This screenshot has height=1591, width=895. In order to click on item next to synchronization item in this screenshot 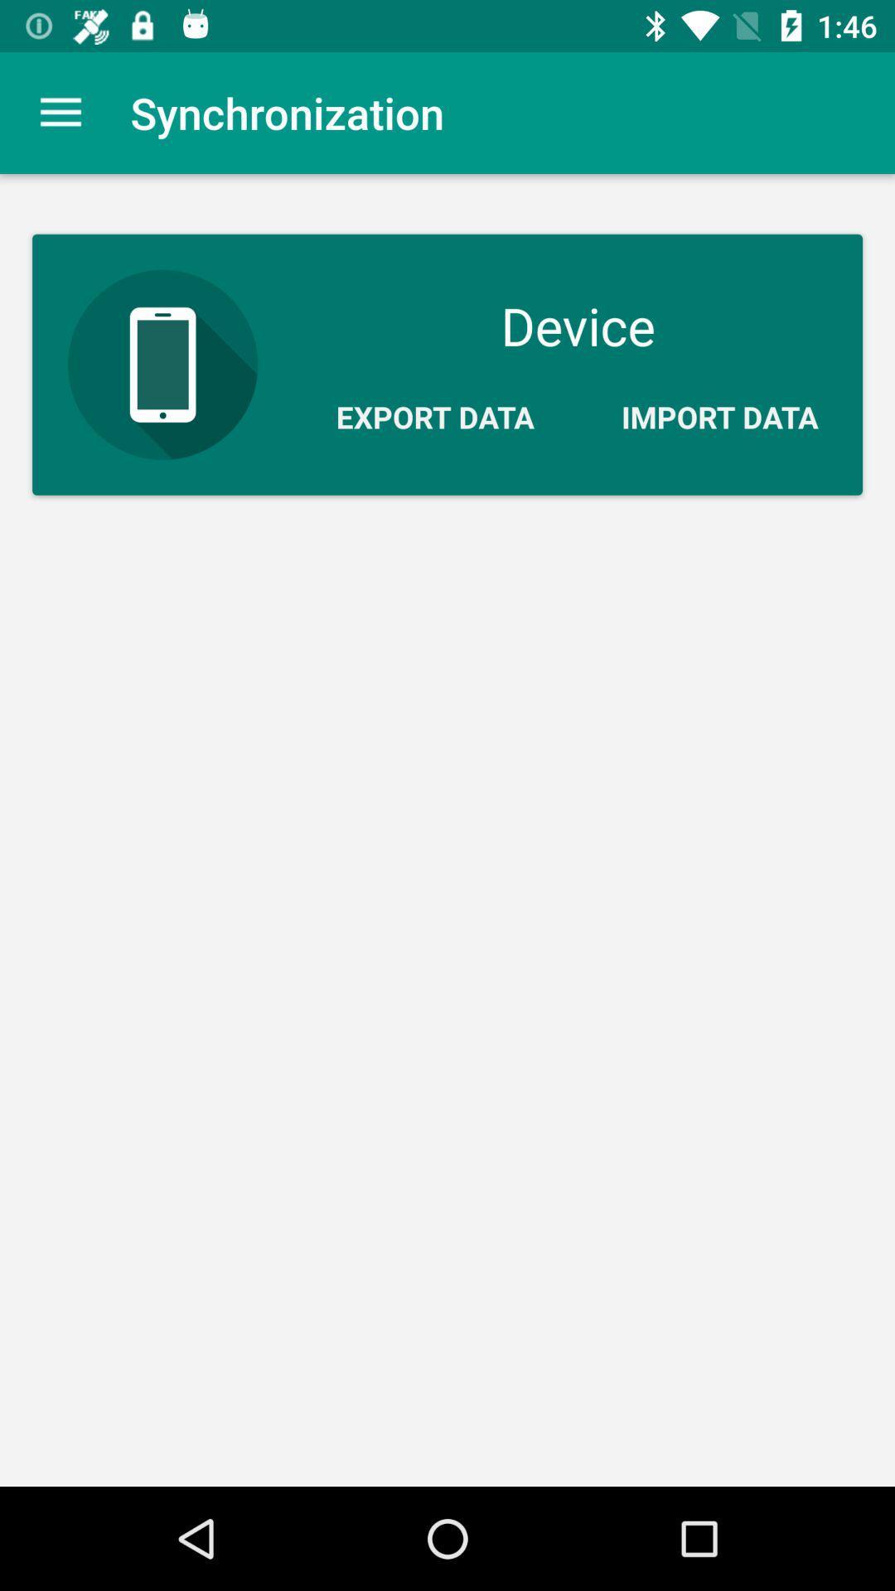, I will do `click(60, 112)`.